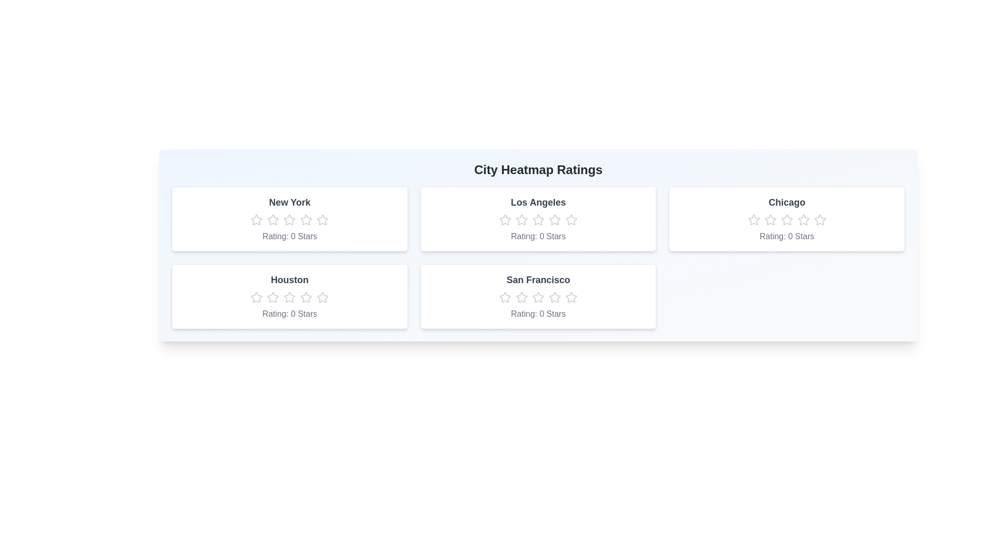 This screenshot has height=558, width=993. What do you see at coordinates (570, 297) in the screenshot?
I see `the San Francisco rating star number 5` at bounding box center [570, 297].